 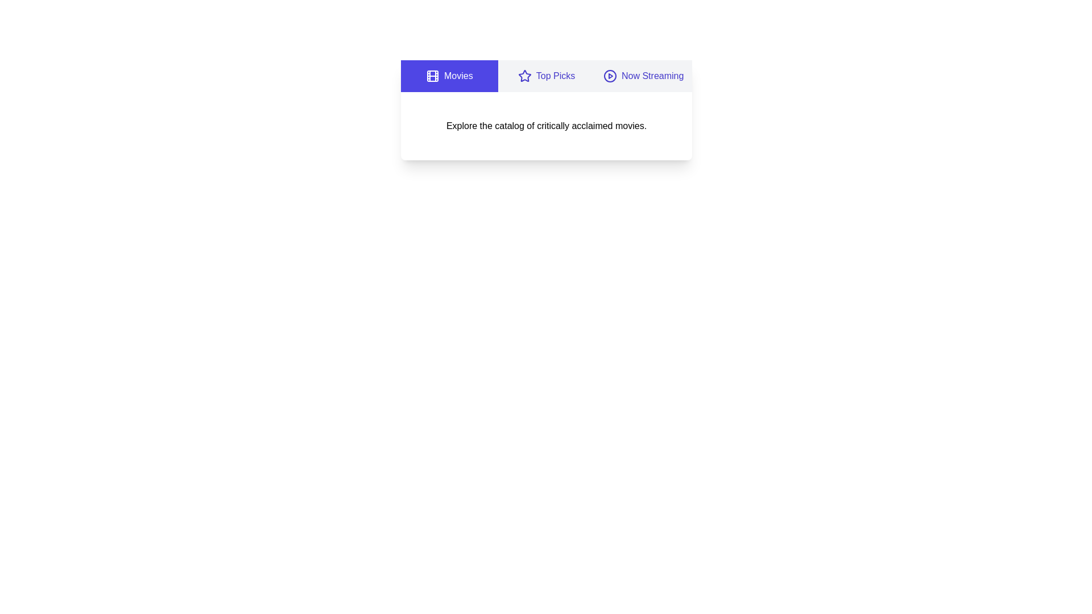 I want to click on the tab corresponding to Now Streaming, so click(x=643, y=76).